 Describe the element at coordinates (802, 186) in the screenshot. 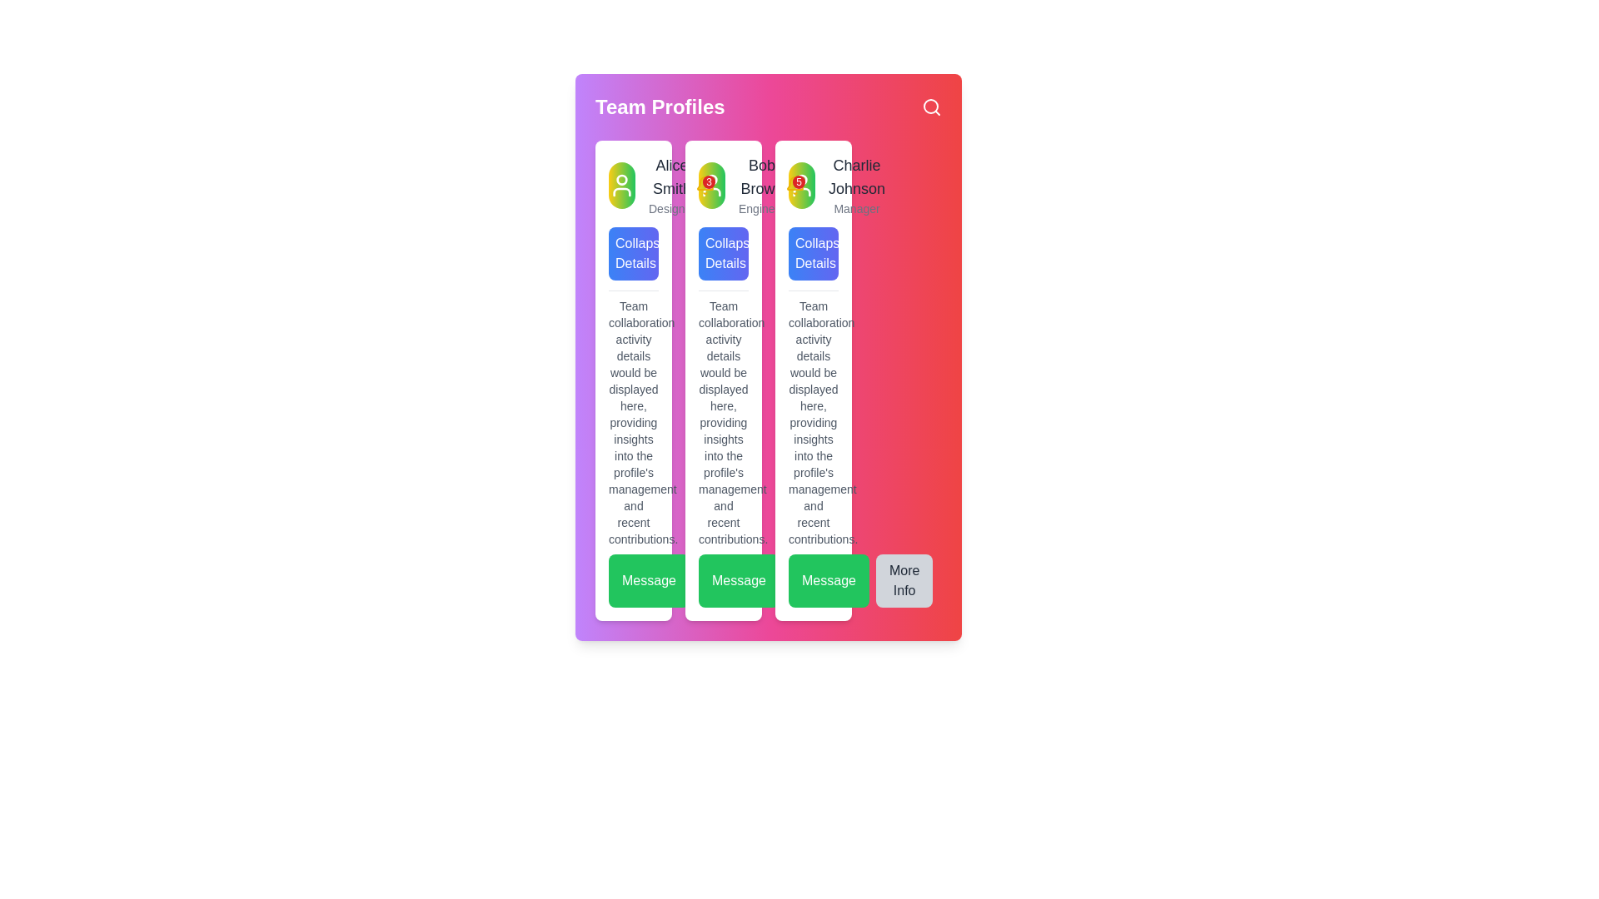

I see `the circular graphical profile indicator with a gradient background and a white user icon, located at the top-right corner of the 'Charlie Johnson Manager' column` at that location.